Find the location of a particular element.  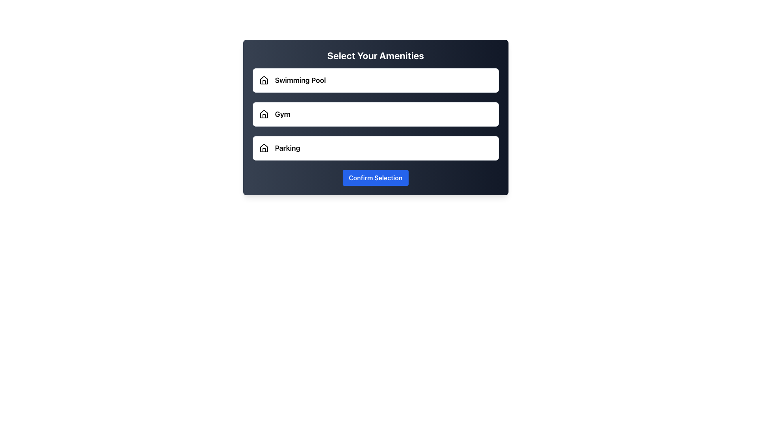

the amenities group, which contains options like 'Swimming Pool,' 'Gym,' and 'Parking,' to trigger an additional styling effect is located at coordinates (375, 114).